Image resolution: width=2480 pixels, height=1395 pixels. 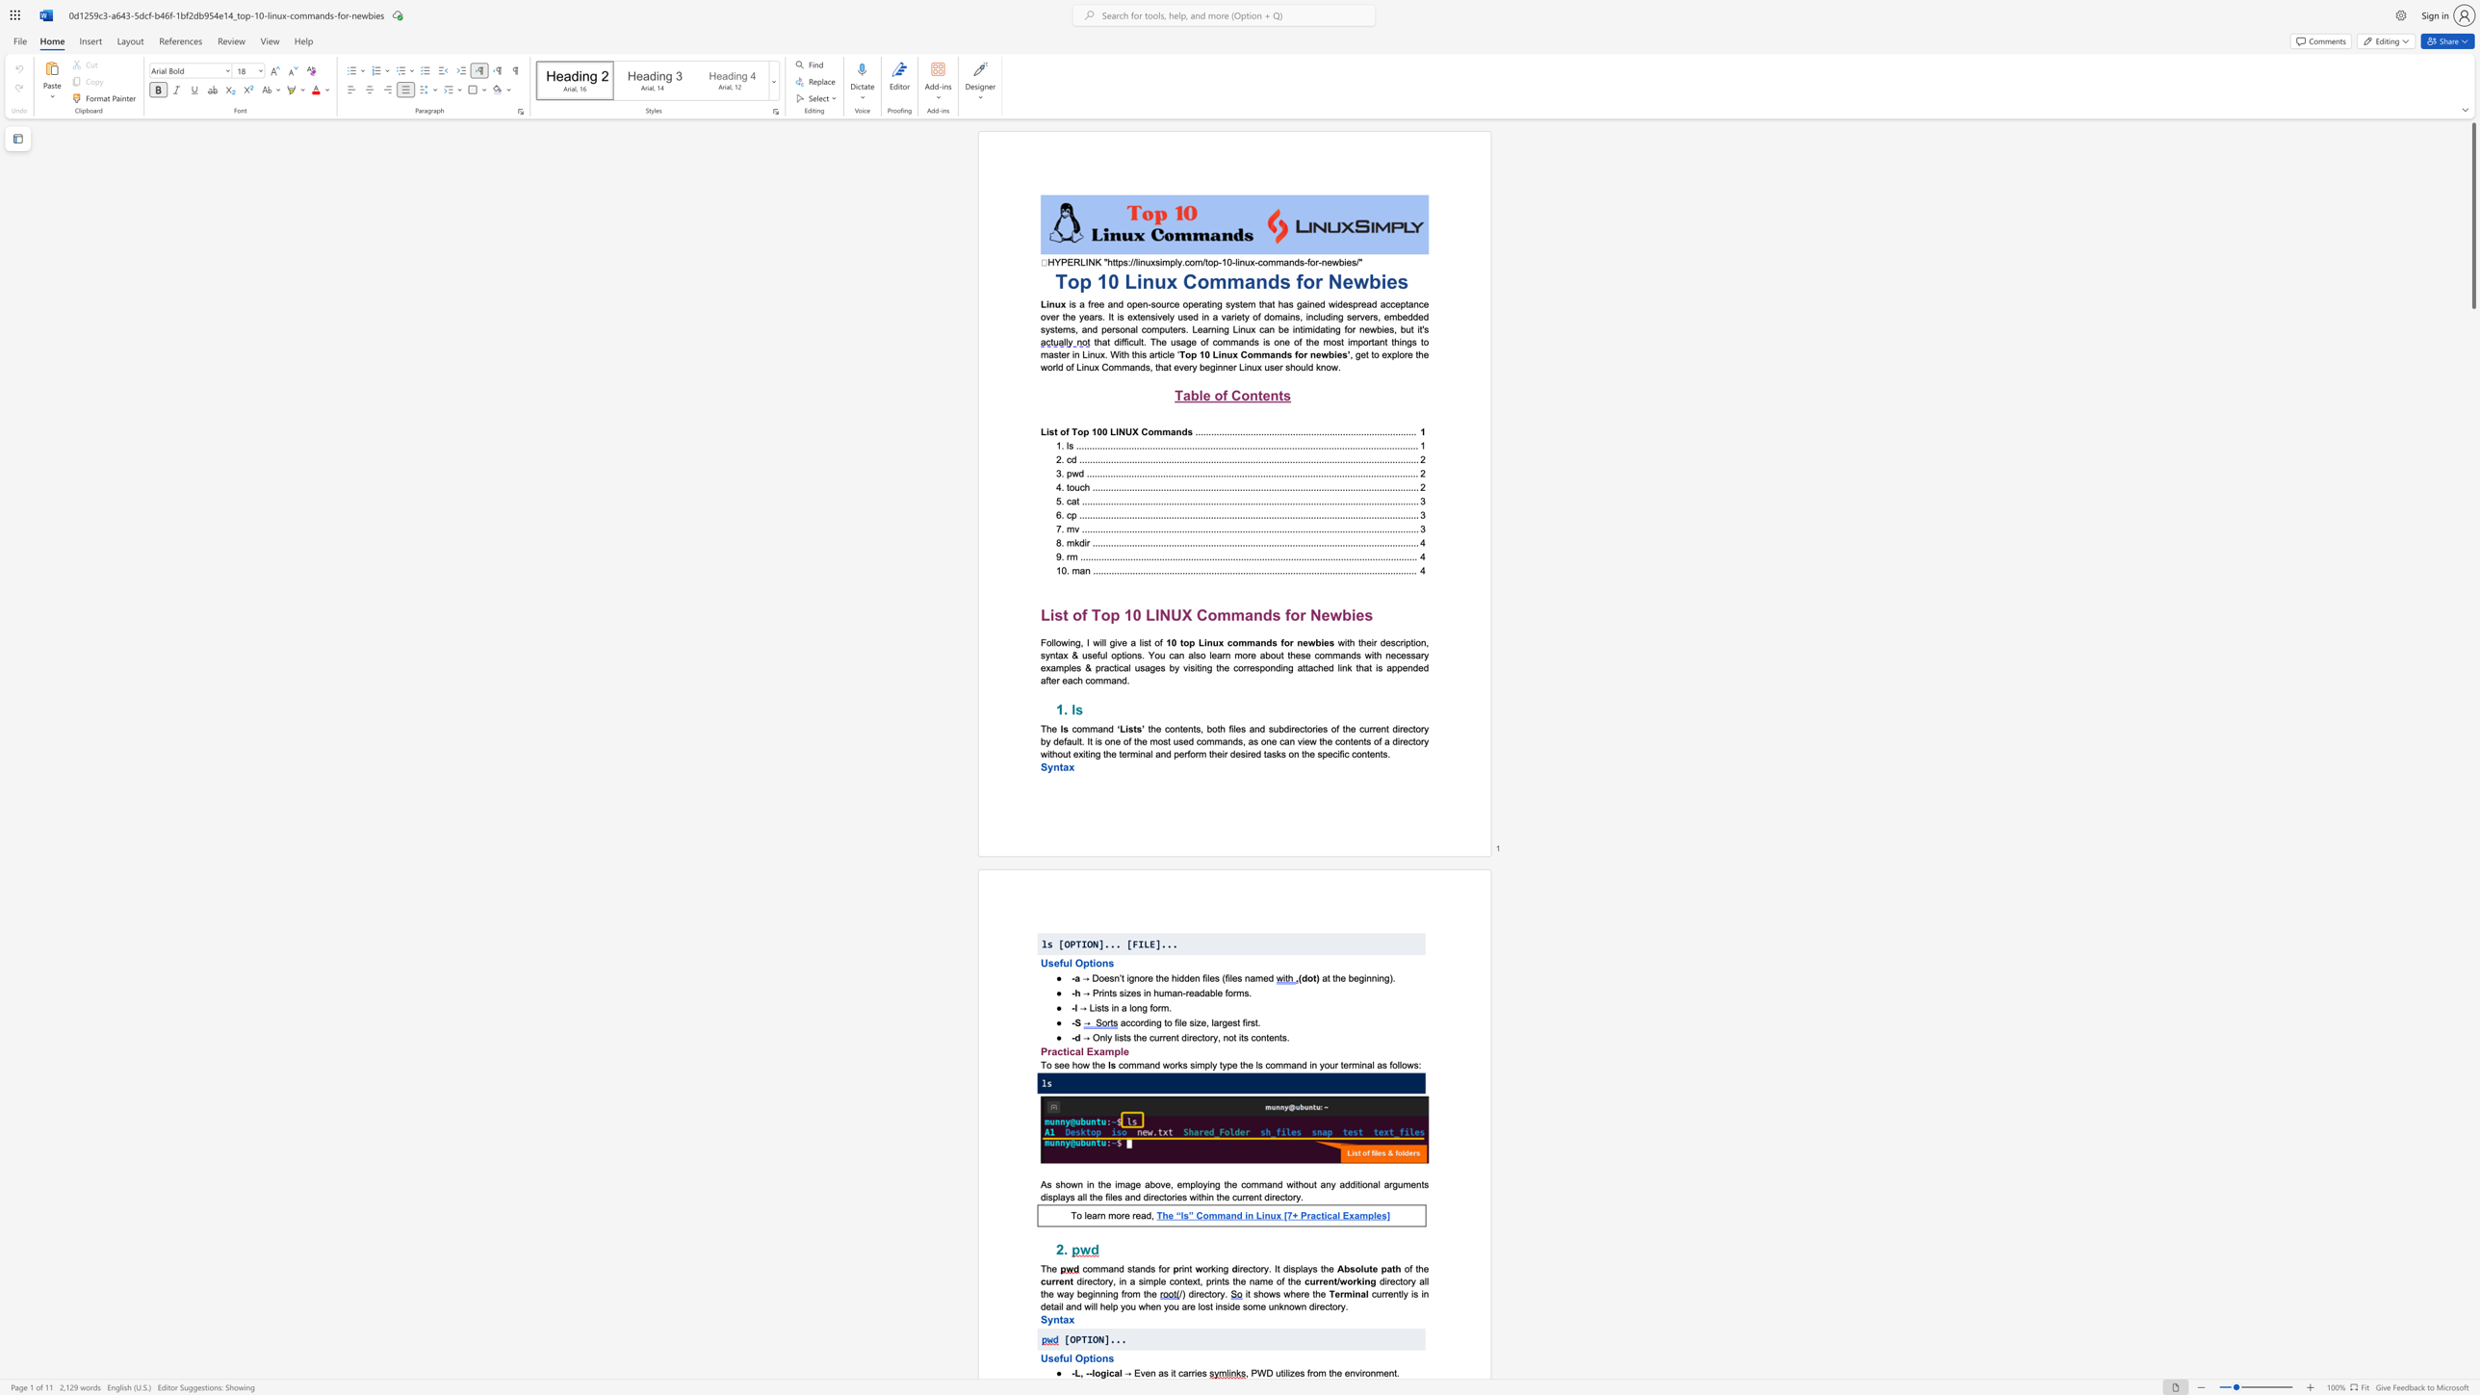 What do you see at coordinates (1058, 642) in the screenshot?
I see `the 2th character "o" in the text` at bounding box center [1058, 642].